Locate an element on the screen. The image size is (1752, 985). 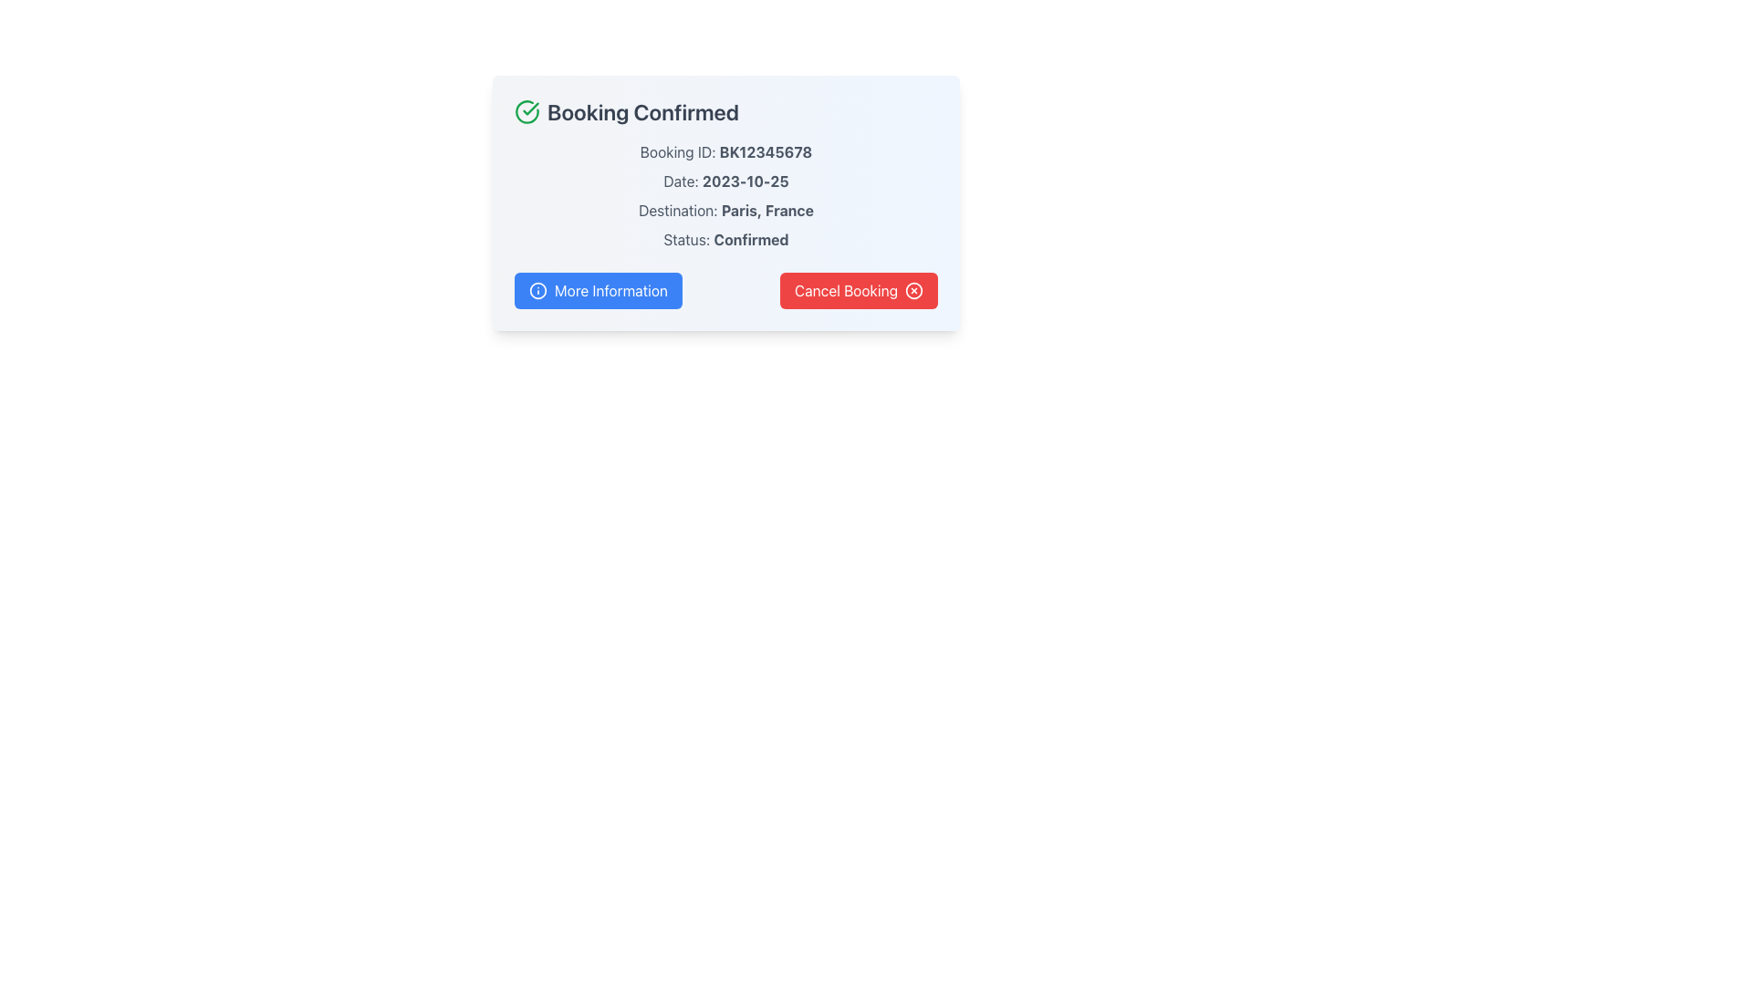
the static informational text display that shows booking details, located below the title 'Booking Confirmed' and above the buttons 'More Information' and 'Cancel Booking' is located at coordinates (725, 196).